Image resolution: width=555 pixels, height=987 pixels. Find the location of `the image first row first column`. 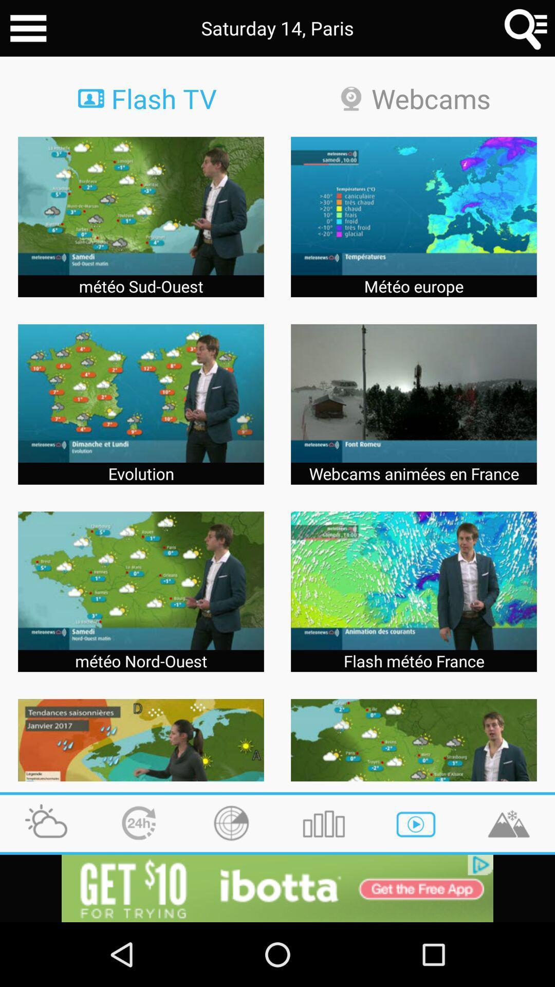

the image first row first column is located at coordinates (141, 206).